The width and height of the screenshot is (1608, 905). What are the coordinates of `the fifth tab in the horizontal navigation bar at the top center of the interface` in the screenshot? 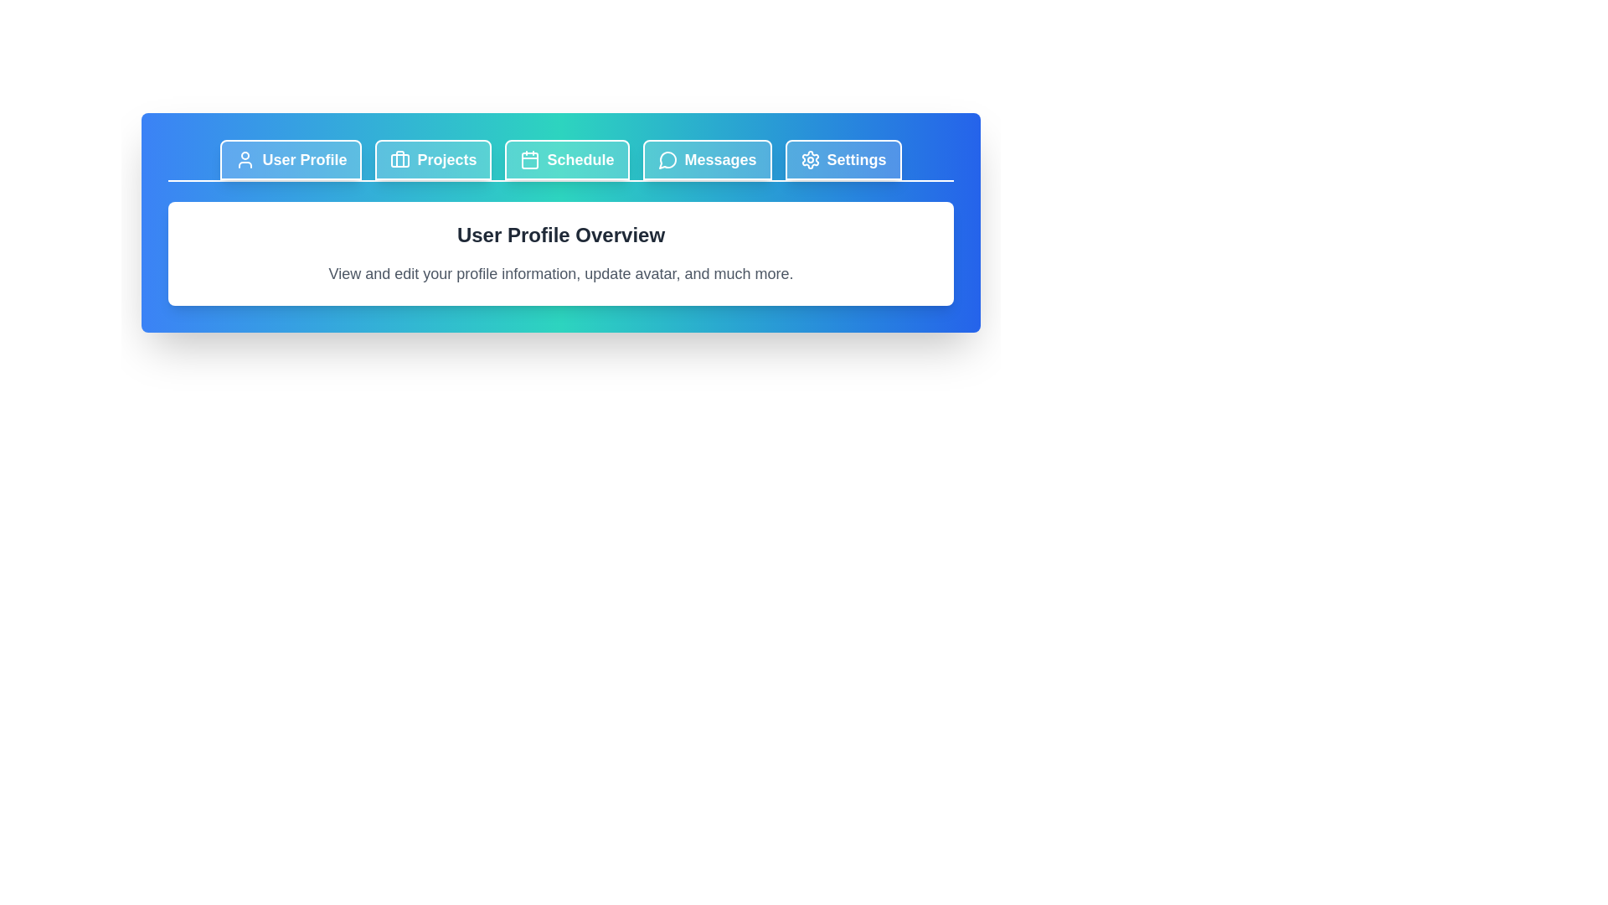 It's located at (843, 160).